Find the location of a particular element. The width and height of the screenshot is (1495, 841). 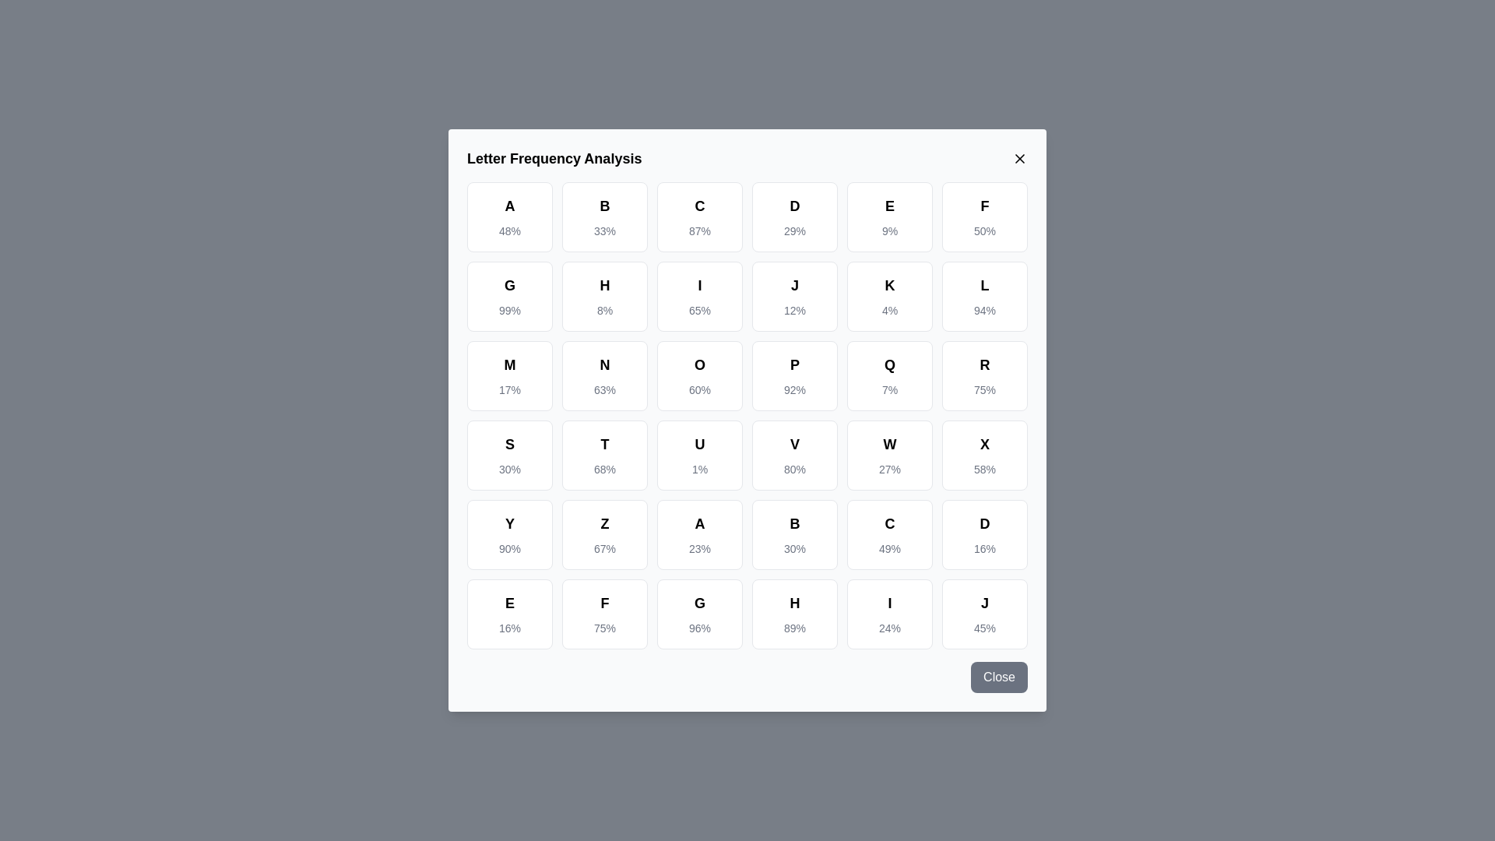

the cell corresponding to the letter H is located at coordinates (604, 297).